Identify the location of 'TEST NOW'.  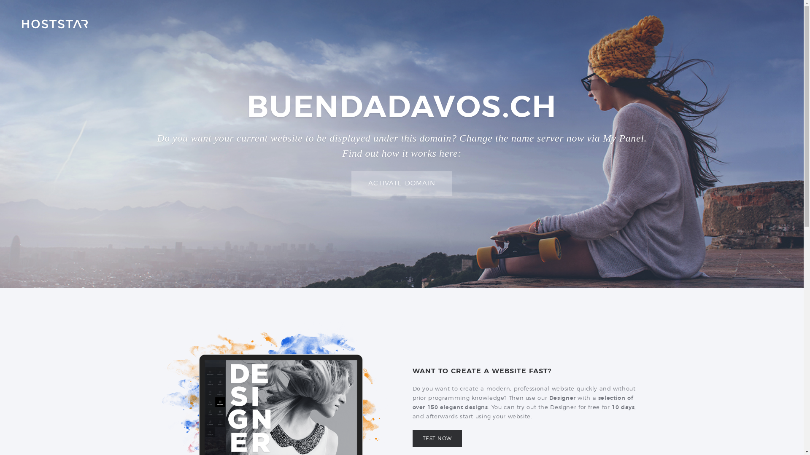
(437, 438).